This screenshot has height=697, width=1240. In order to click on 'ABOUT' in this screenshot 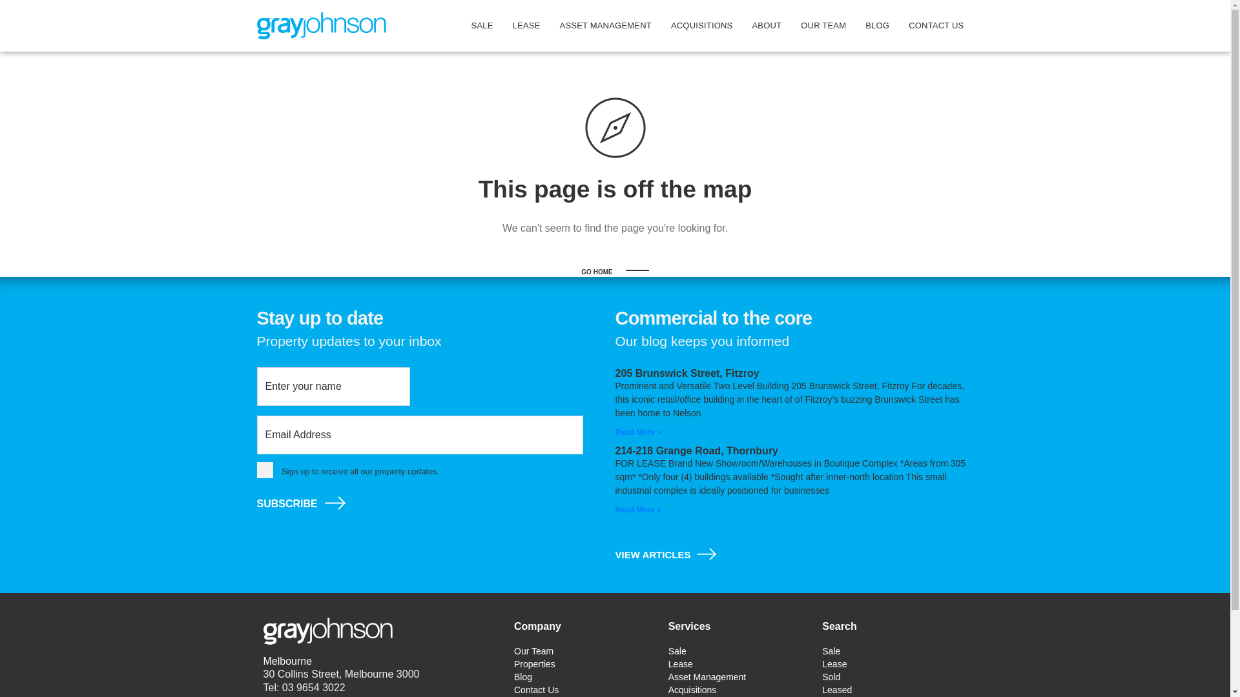, I will do `click(766, 25)`.